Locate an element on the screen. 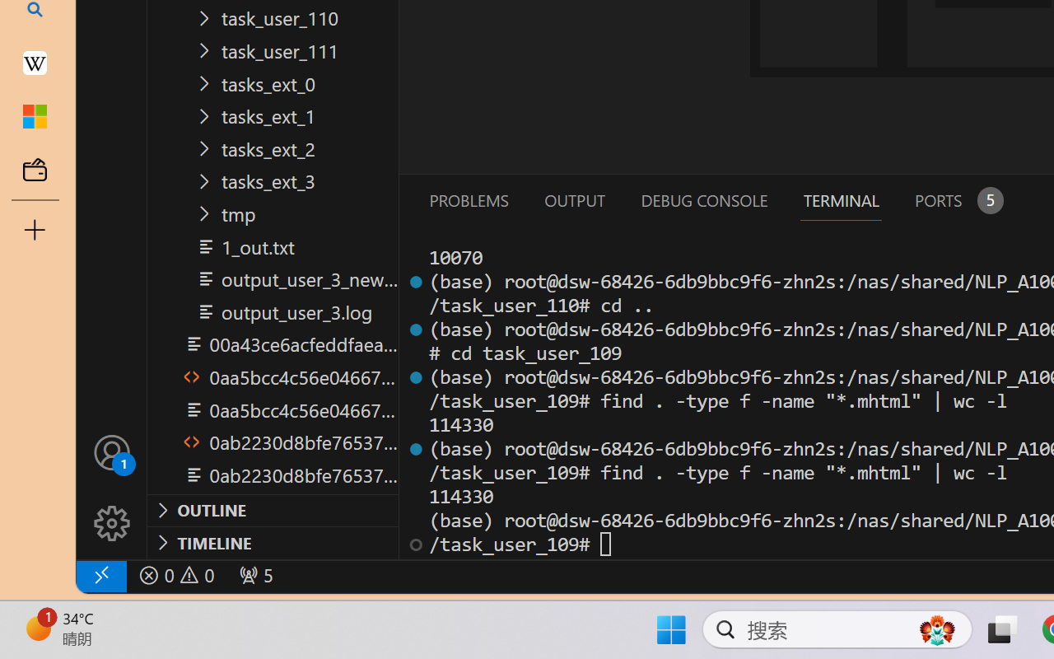 The width and height of the screenshot is (1054, 659). 'Forwarded Ports: 36301, 47065, 38781, 45817, 50331' is located at coordinates (254, 575).